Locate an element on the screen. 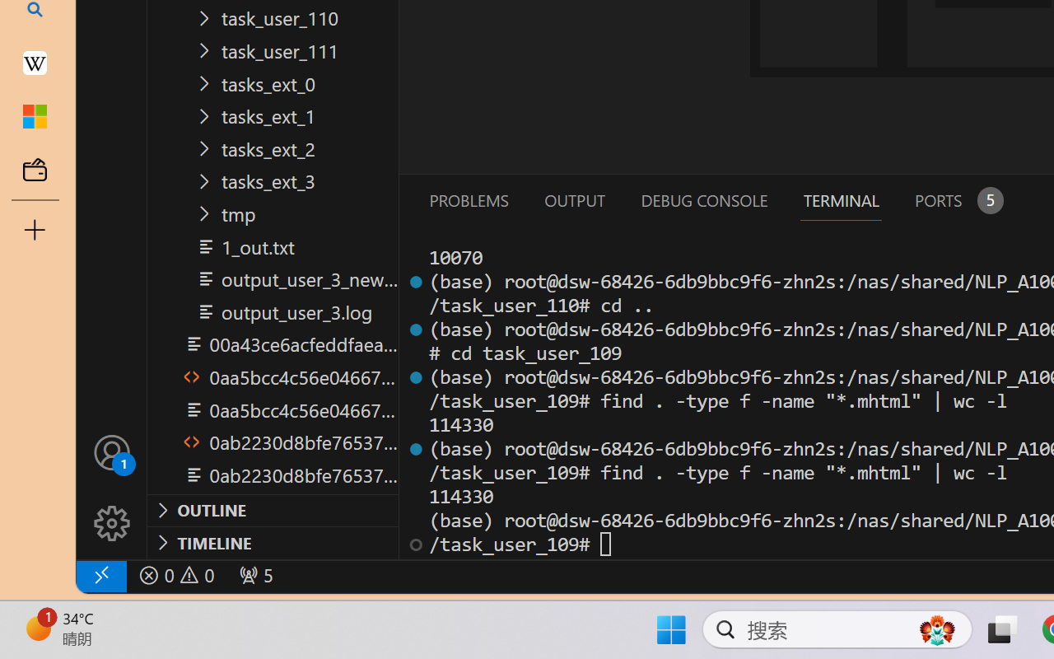 The width and height of the screenshot is (1054, 659). 'Forwarded Ports: 36301, 47065, 38781, 45817, 50331' is located at coordinates (254, 575).